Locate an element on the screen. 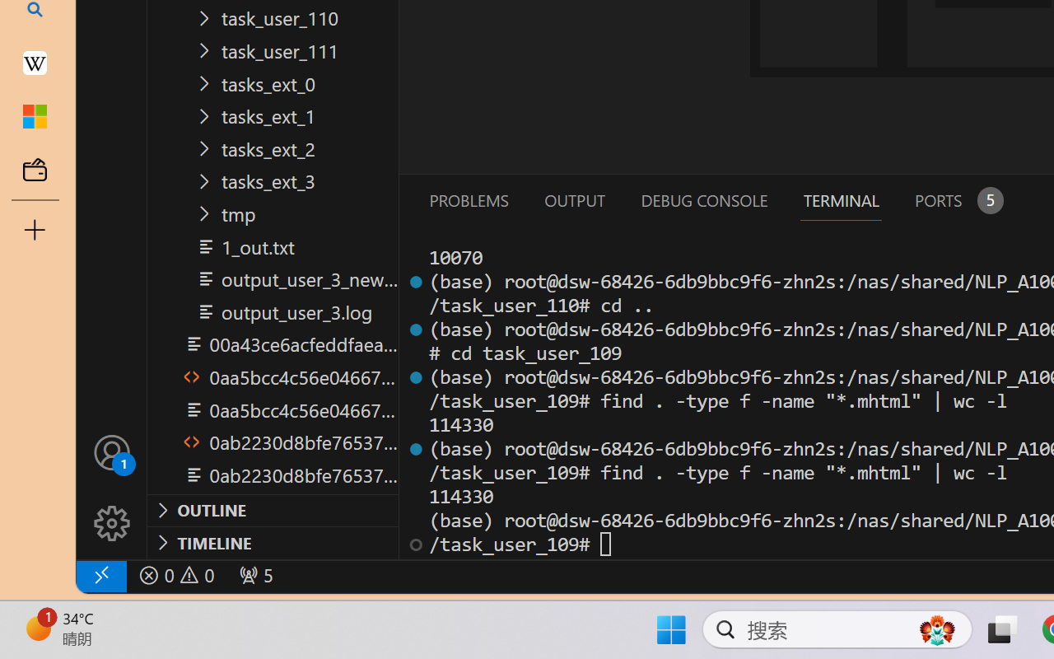 The width and height of the screenshot is (1054, 659). 'Forwarded Ports: 36301, 47065, 38781, 45817, 50331' is located at coordinates (254, 575).